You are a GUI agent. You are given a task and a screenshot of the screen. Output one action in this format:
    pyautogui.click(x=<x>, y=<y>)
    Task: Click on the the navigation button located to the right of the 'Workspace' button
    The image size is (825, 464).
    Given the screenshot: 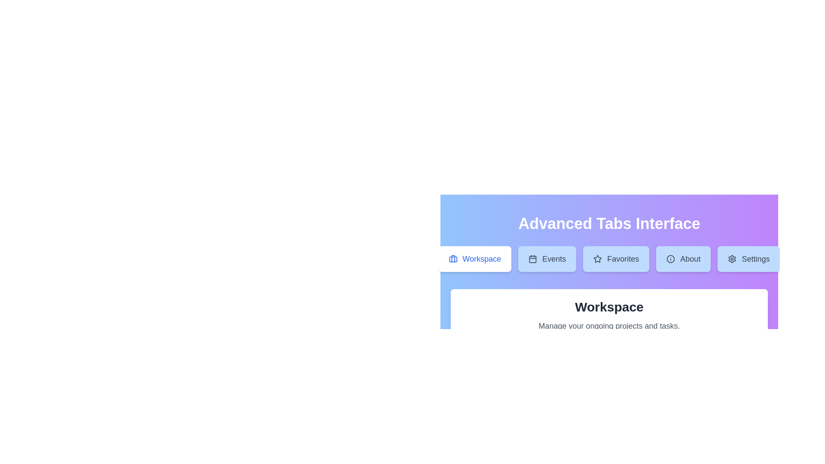 What is the action you would take?
    pyautogui.click(x=547, y=258)
    